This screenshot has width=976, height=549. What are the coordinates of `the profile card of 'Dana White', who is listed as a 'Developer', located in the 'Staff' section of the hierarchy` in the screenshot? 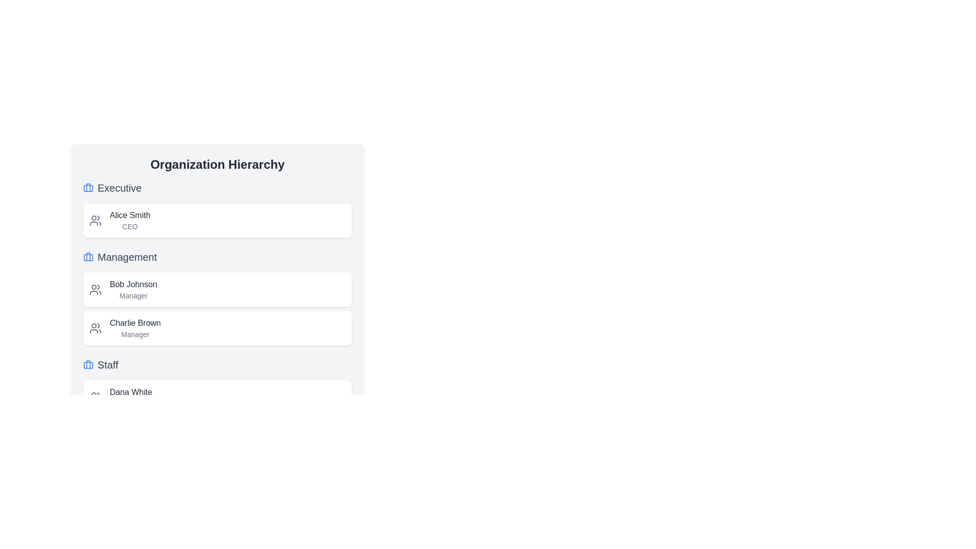 It's located at (217, 397).